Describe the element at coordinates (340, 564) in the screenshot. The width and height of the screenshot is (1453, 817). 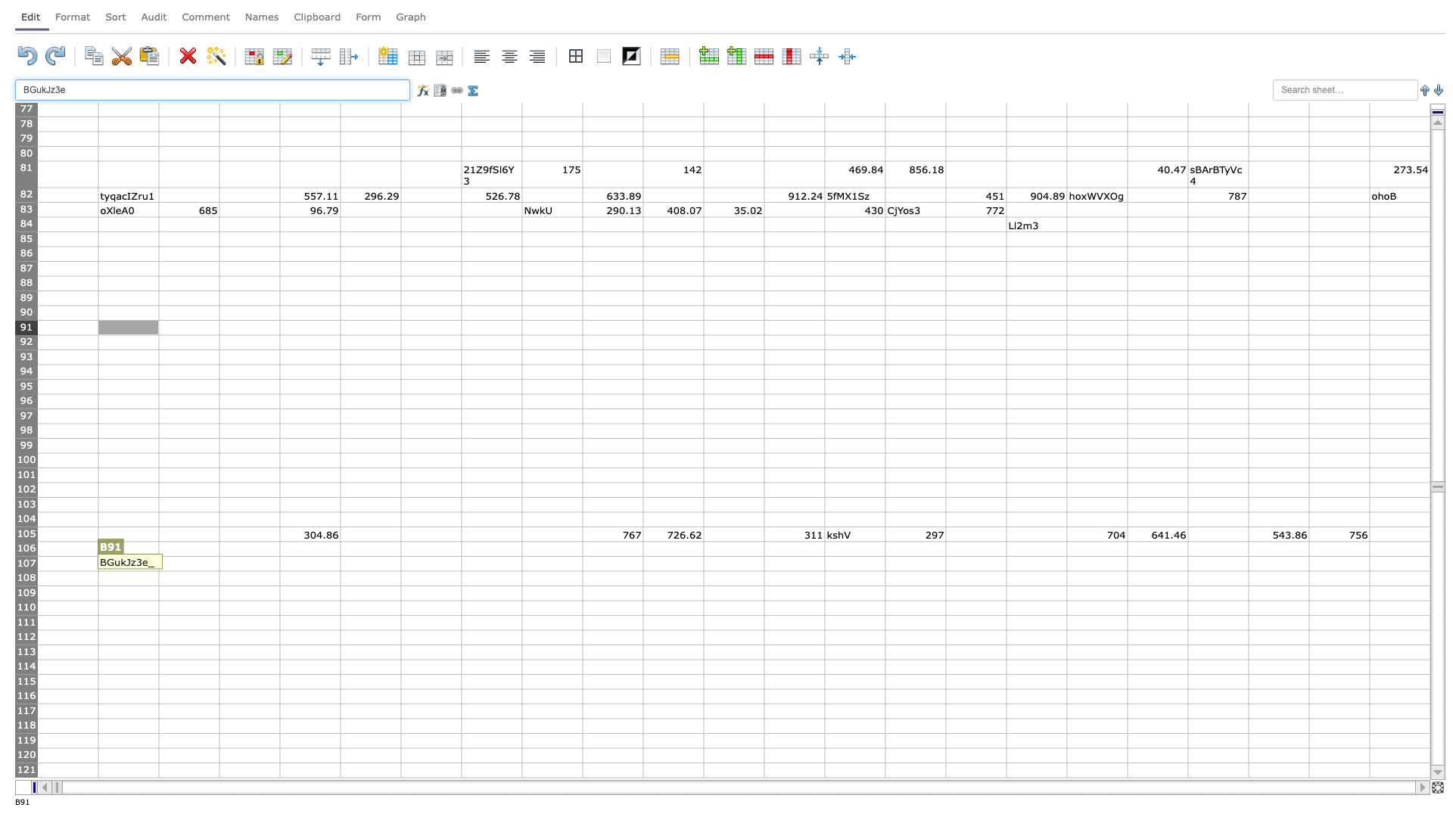
I see `right edge of E107` at that location.